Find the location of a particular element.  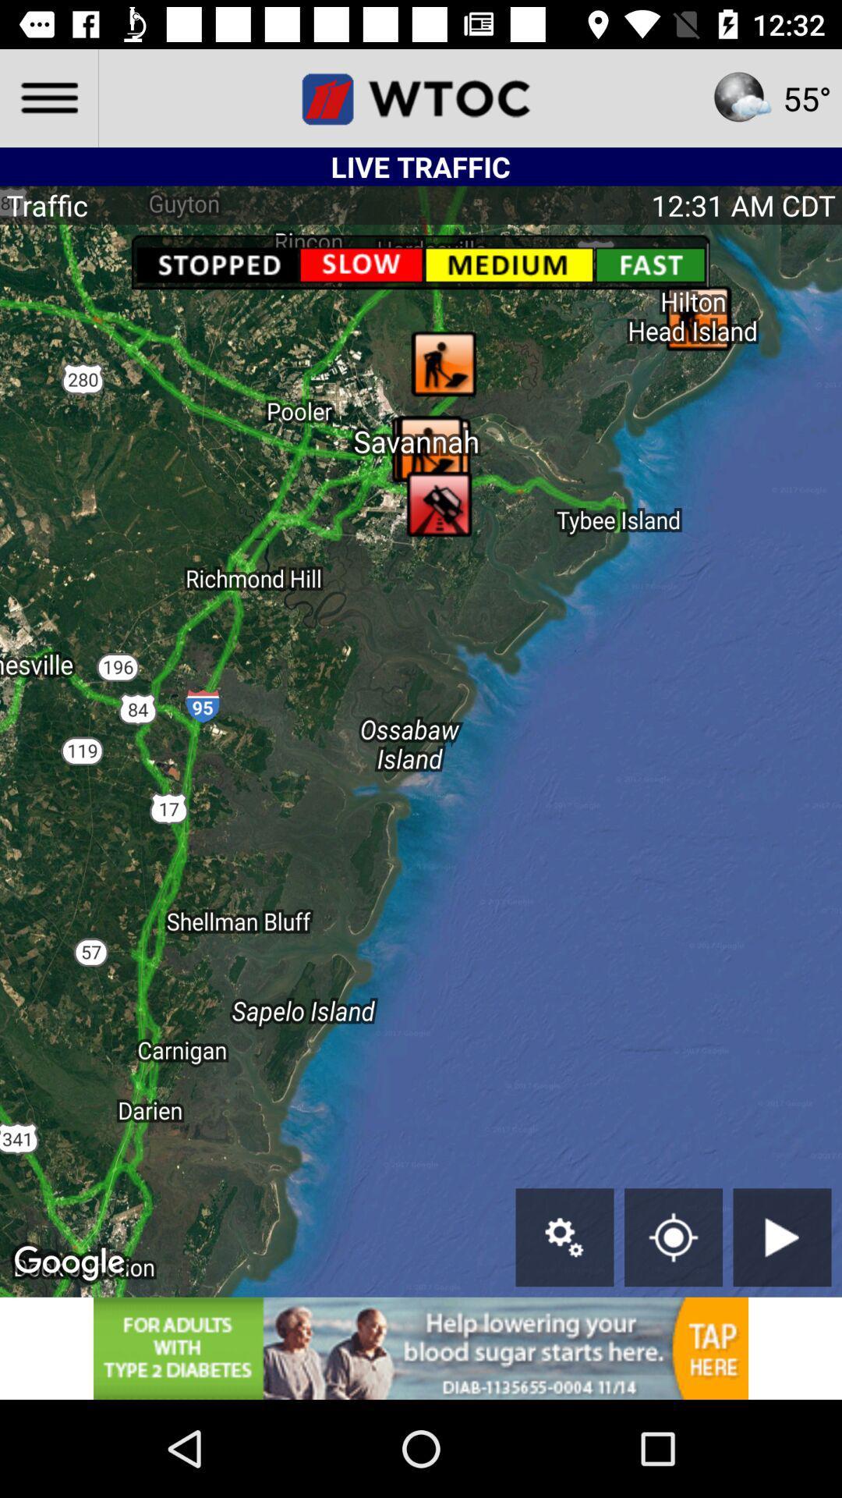

the location_crosshair icon is located at coordinates (673, 1237).